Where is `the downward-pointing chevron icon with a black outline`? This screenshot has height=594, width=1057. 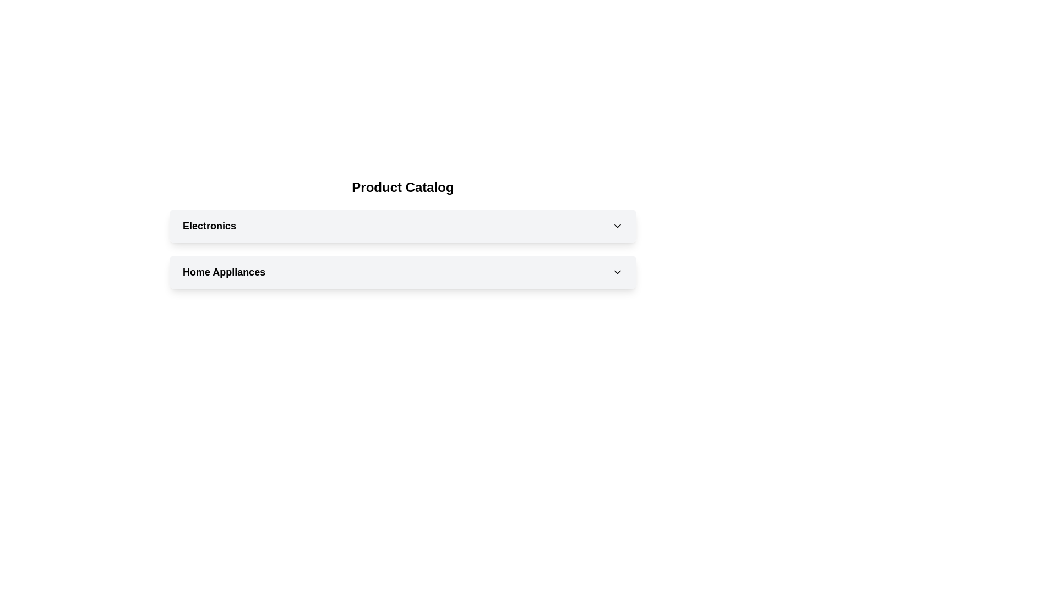 the downward-pointing chevron icon with a black outline is located at coordinates (618, 272).